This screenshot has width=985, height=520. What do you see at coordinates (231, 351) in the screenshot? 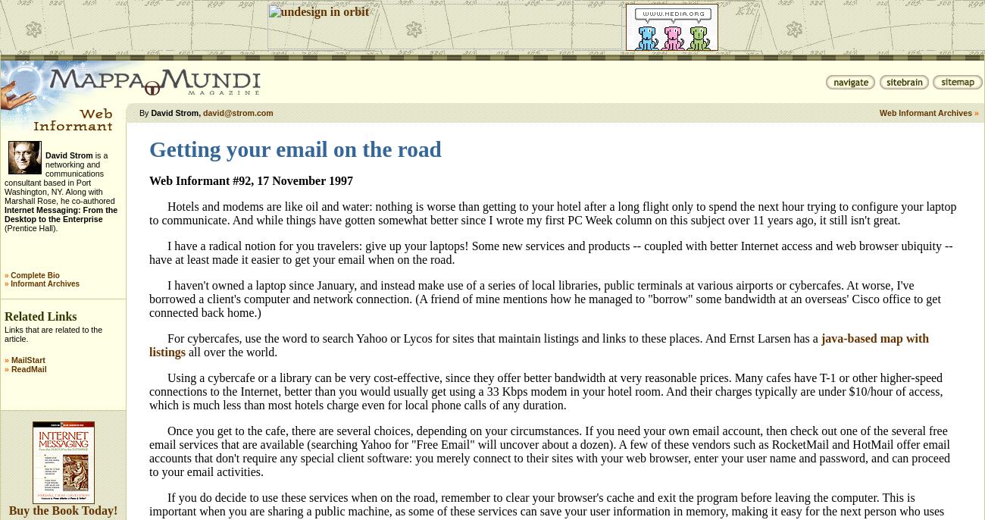
I see `'all over the world.'` at bounding box center [231, 351].